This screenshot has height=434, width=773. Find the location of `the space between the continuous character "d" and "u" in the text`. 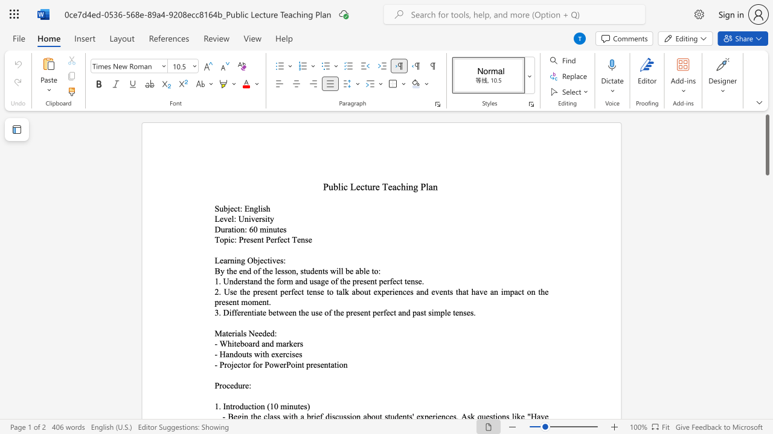

the space between the continuous character "d" and "u" in the text is located at coordinates (243, 406).